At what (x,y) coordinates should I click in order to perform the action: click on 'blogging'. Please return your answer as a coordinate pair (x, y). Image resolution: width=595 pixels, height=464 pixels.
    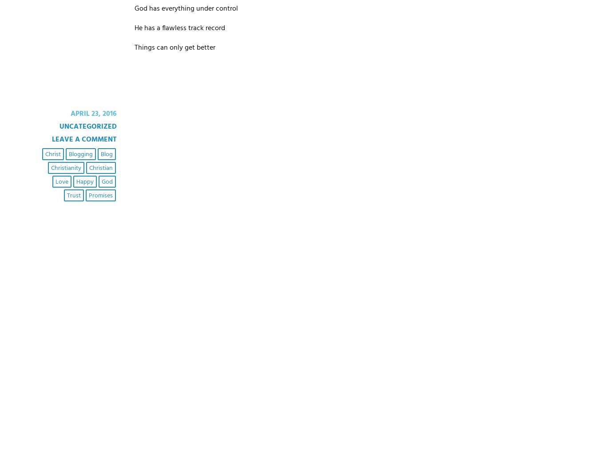
    Looking at the image, I should click on (80, 153).